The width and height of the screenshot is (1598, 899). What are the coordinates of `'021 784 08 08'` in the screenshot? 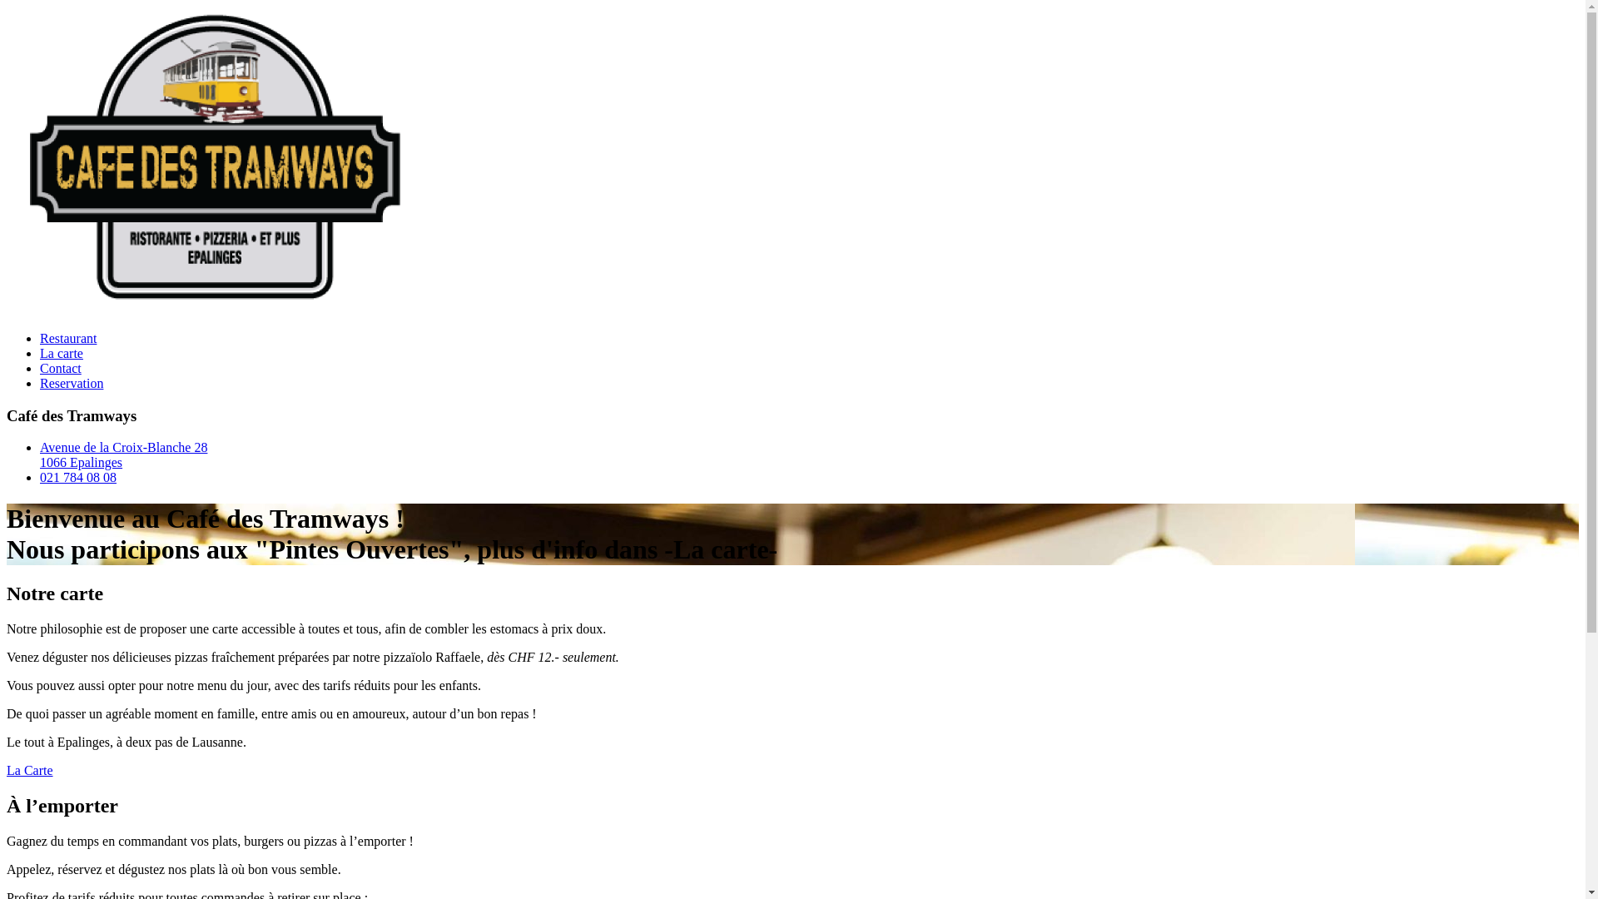 It's located at (77, 477).